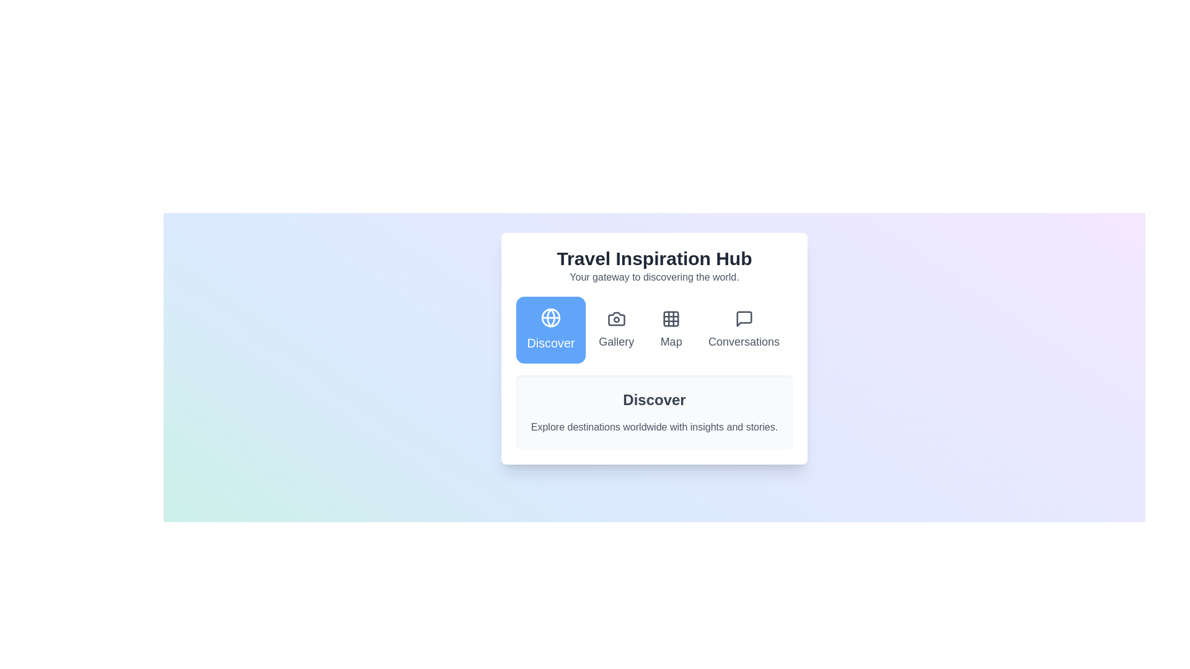 This screenshot has height=669, width=1190. What do you see at coordinates (616, 329) in the screenshot?
I see `the 'Gallery' button located in the 'Travel Inspiration Hub' interface, which is the second button in a sequence of four buttons, positioned to the right of the 'Discover' button and to the left of the 'Map' button` at bounding box center [616, 329].